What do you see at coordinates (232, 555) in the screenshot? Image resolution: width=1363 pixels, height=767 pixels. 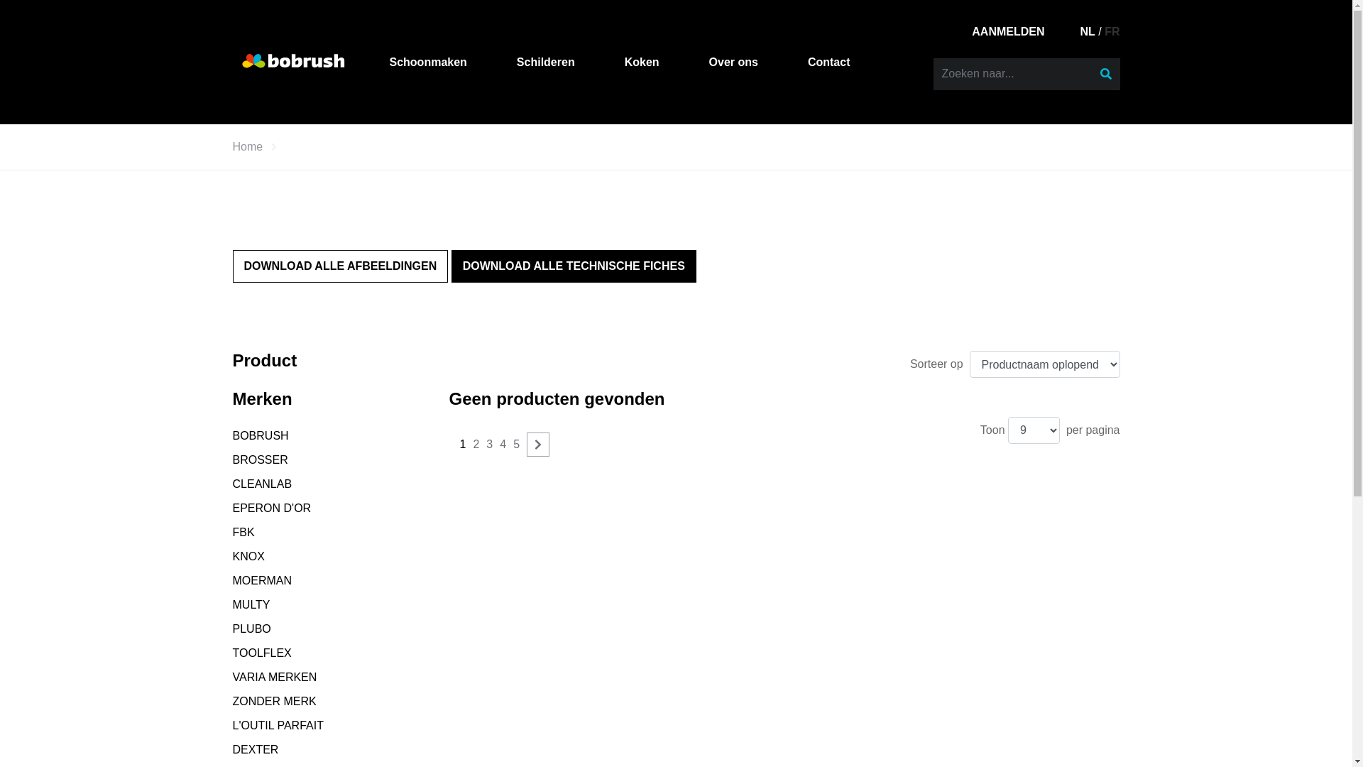 I see `'KNOX'` at bounding box center [232, 555].